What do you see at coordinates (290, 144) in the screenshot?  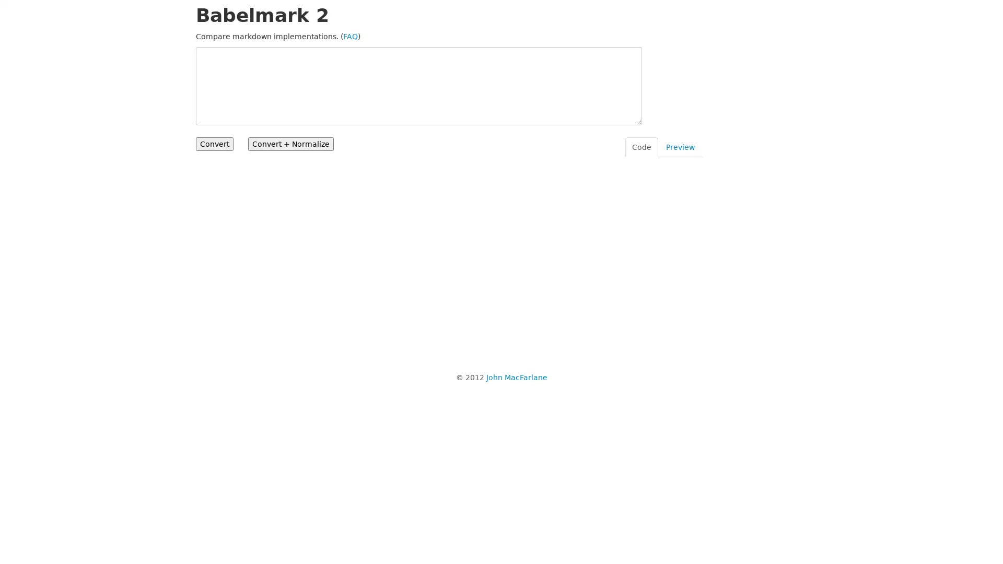 I see `Convert + Normalize` at bounding box center [290, 144].